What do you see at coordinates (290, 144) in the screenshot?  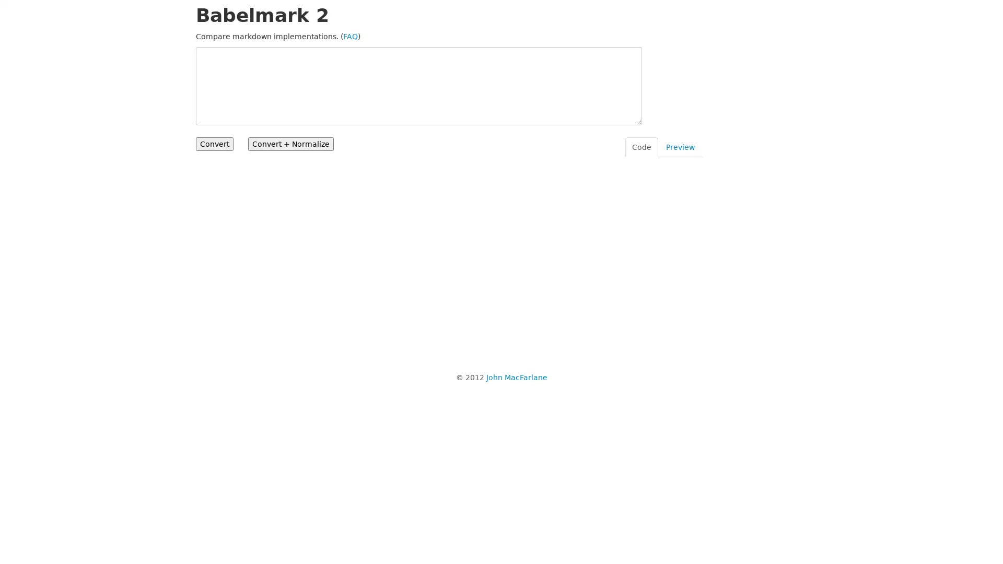 I see `Convert + Normalize` at bounding box center [290, 144].